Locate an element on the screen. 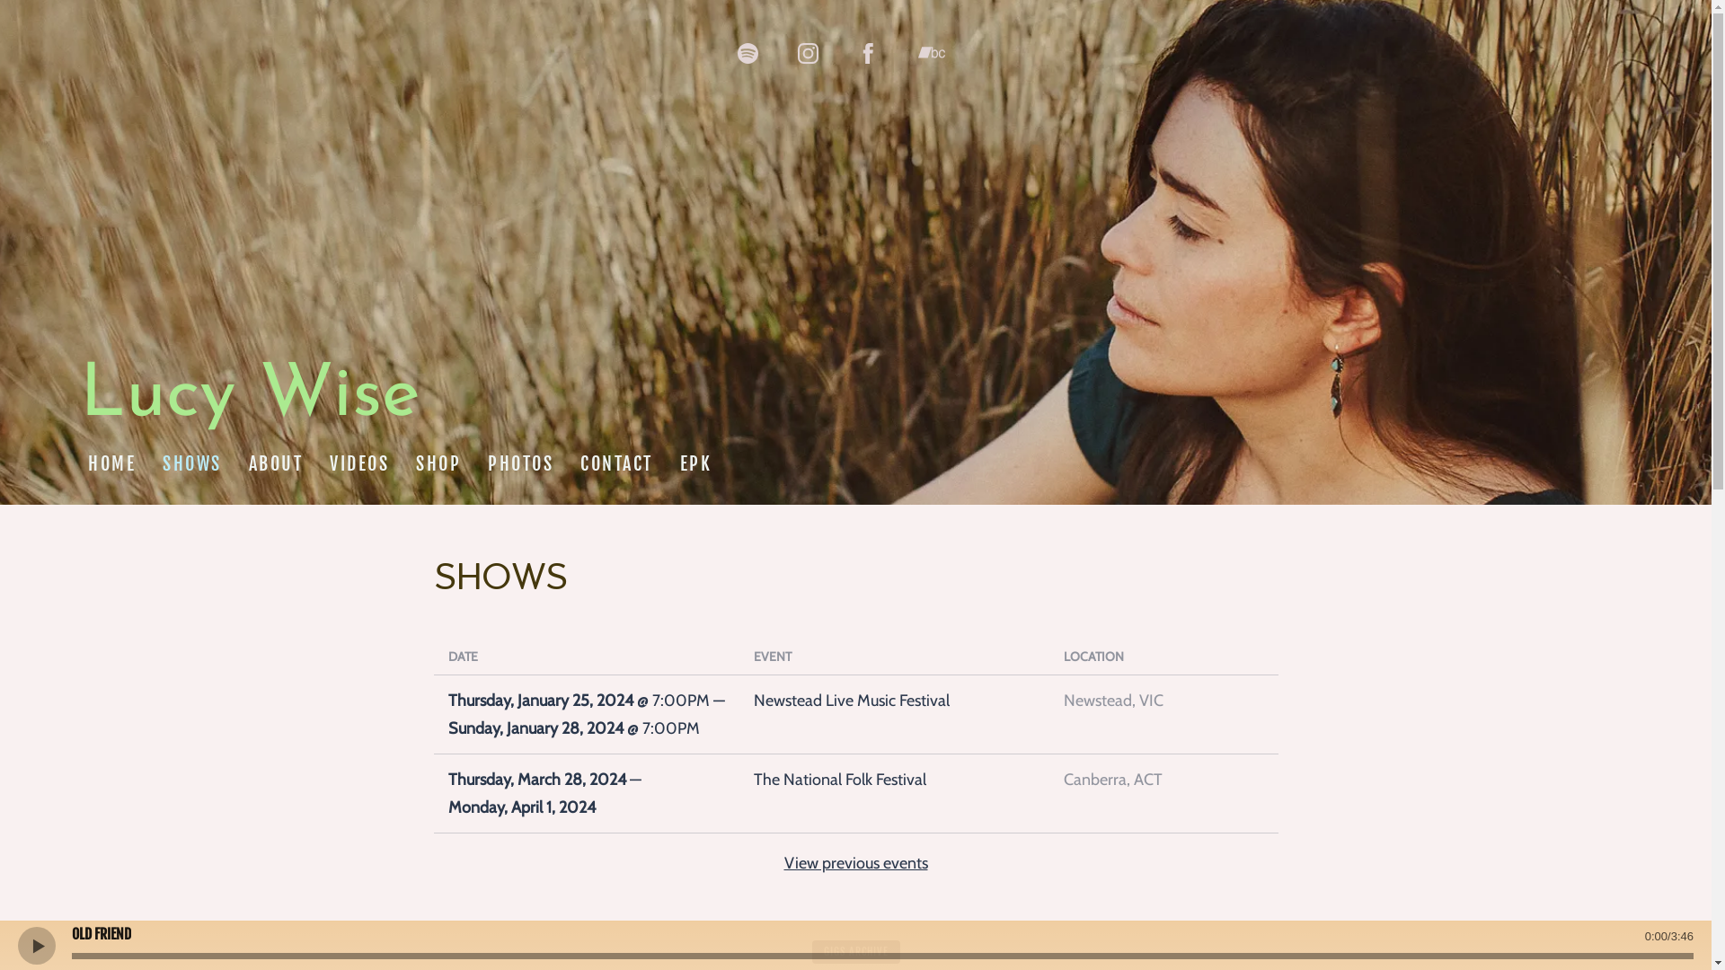  'Play' is located at coordinates (36, 944).